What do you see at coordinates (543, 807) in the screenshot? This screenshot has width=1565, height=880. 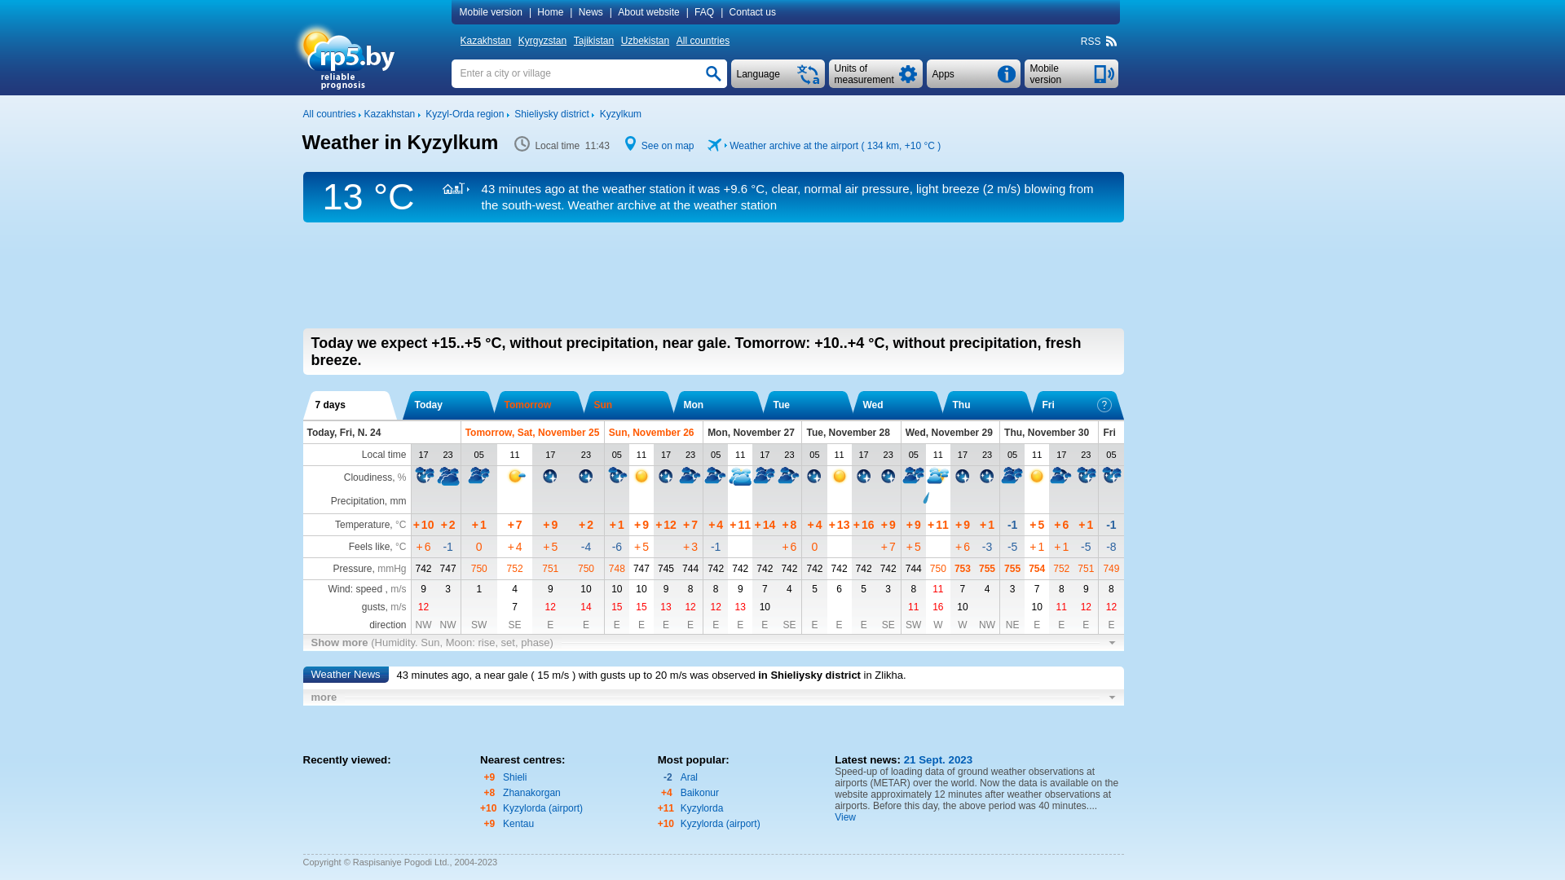 I see `'Kyzylorda (airport)'` at bounding box center [543, 807].